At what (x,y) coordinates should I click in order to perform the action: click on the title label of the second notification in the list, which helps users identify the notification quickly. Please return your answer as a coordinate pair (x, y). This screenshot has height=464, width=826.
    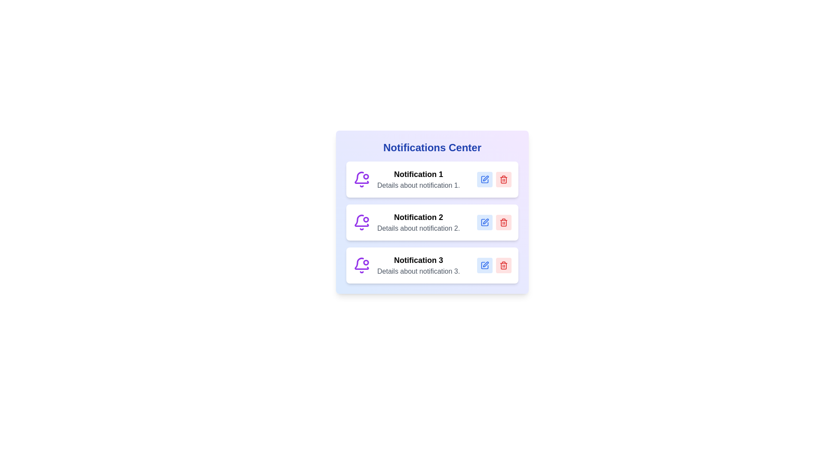
    Looking at the image, I should click on (419, 217).